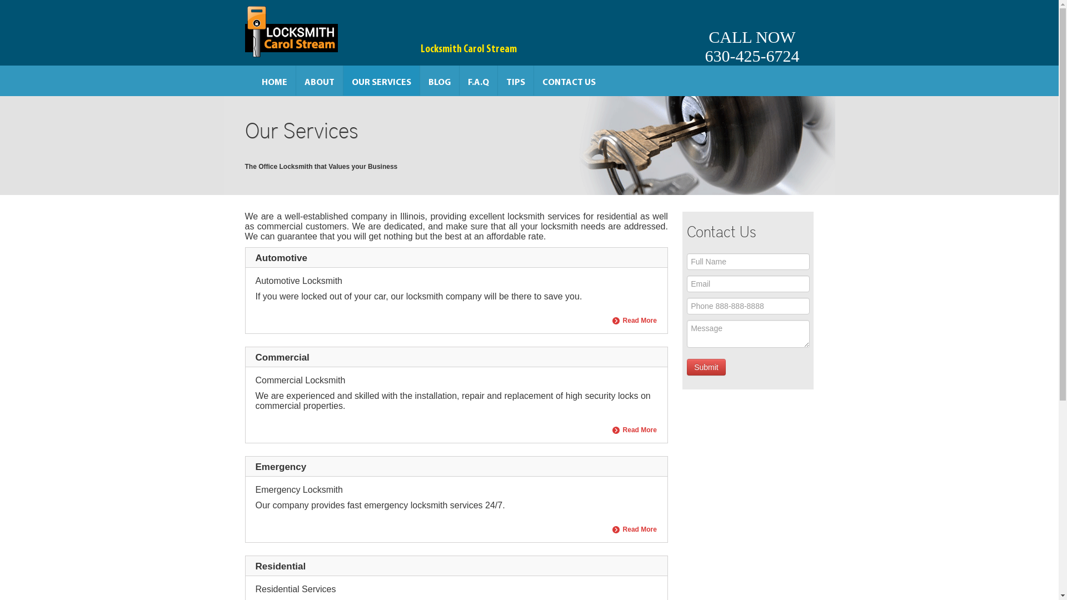 This screenshot has width=1067, height=600. I want to click on 'ABOUT', so click(318, 80).